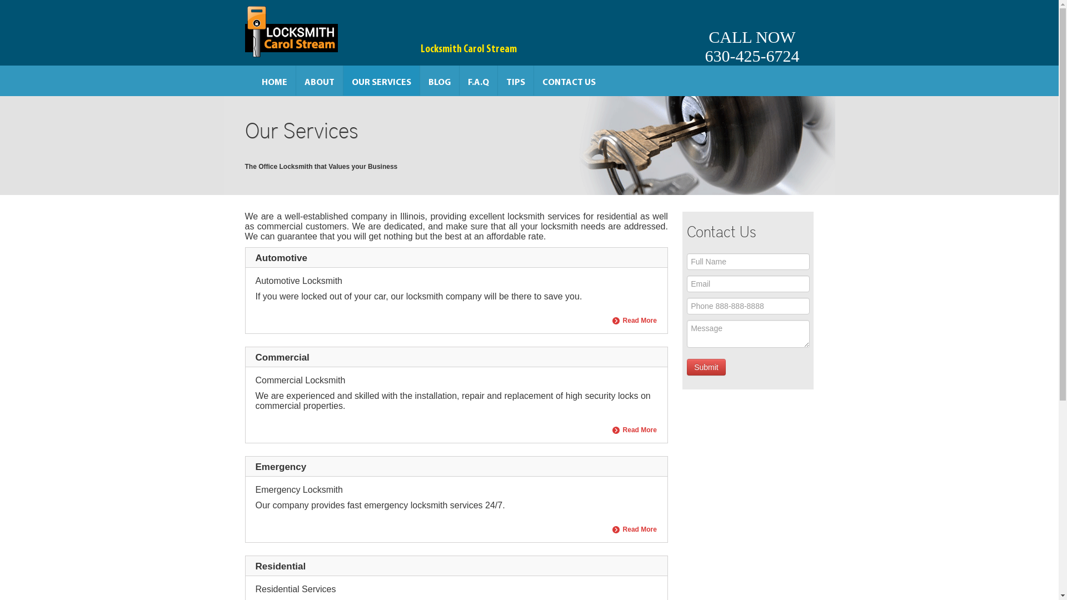 This screenshot has width=1067, height=600. I want to click on 'ABOUT', so click(318, 80).